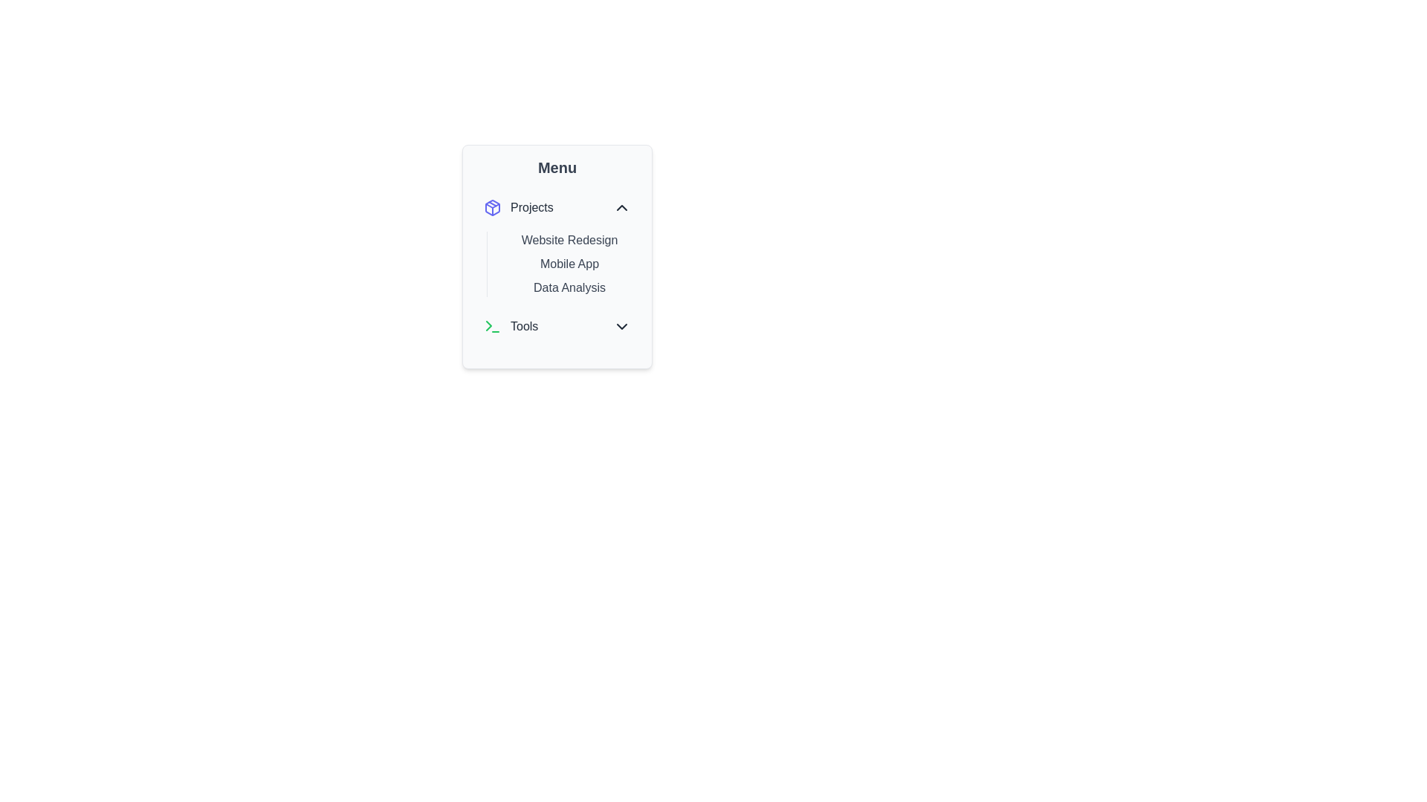  I want to click on 'Mobile App' text label located in the vertical menu under the 'Projects' dropdown for its styling or properties, so click(556, 256).